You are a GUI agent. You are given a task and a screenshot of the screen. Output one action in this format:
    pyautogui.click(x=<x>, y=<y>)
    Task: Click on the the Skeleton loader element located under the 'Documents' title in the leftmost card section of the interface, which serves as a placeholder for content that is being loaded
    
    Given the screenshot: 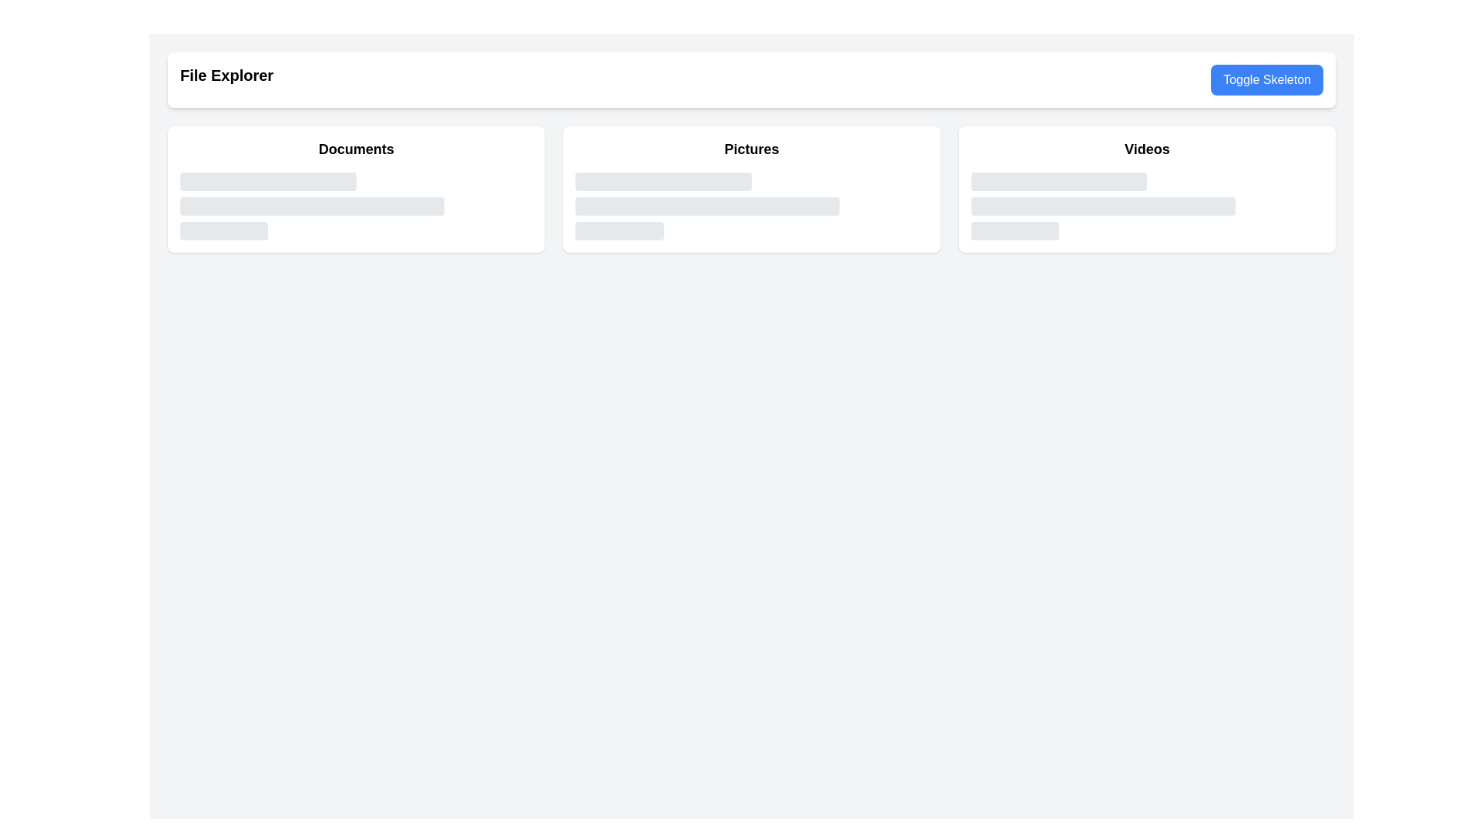 What is the action you would take?
    pyautogui.click(x=355, y=205)
    